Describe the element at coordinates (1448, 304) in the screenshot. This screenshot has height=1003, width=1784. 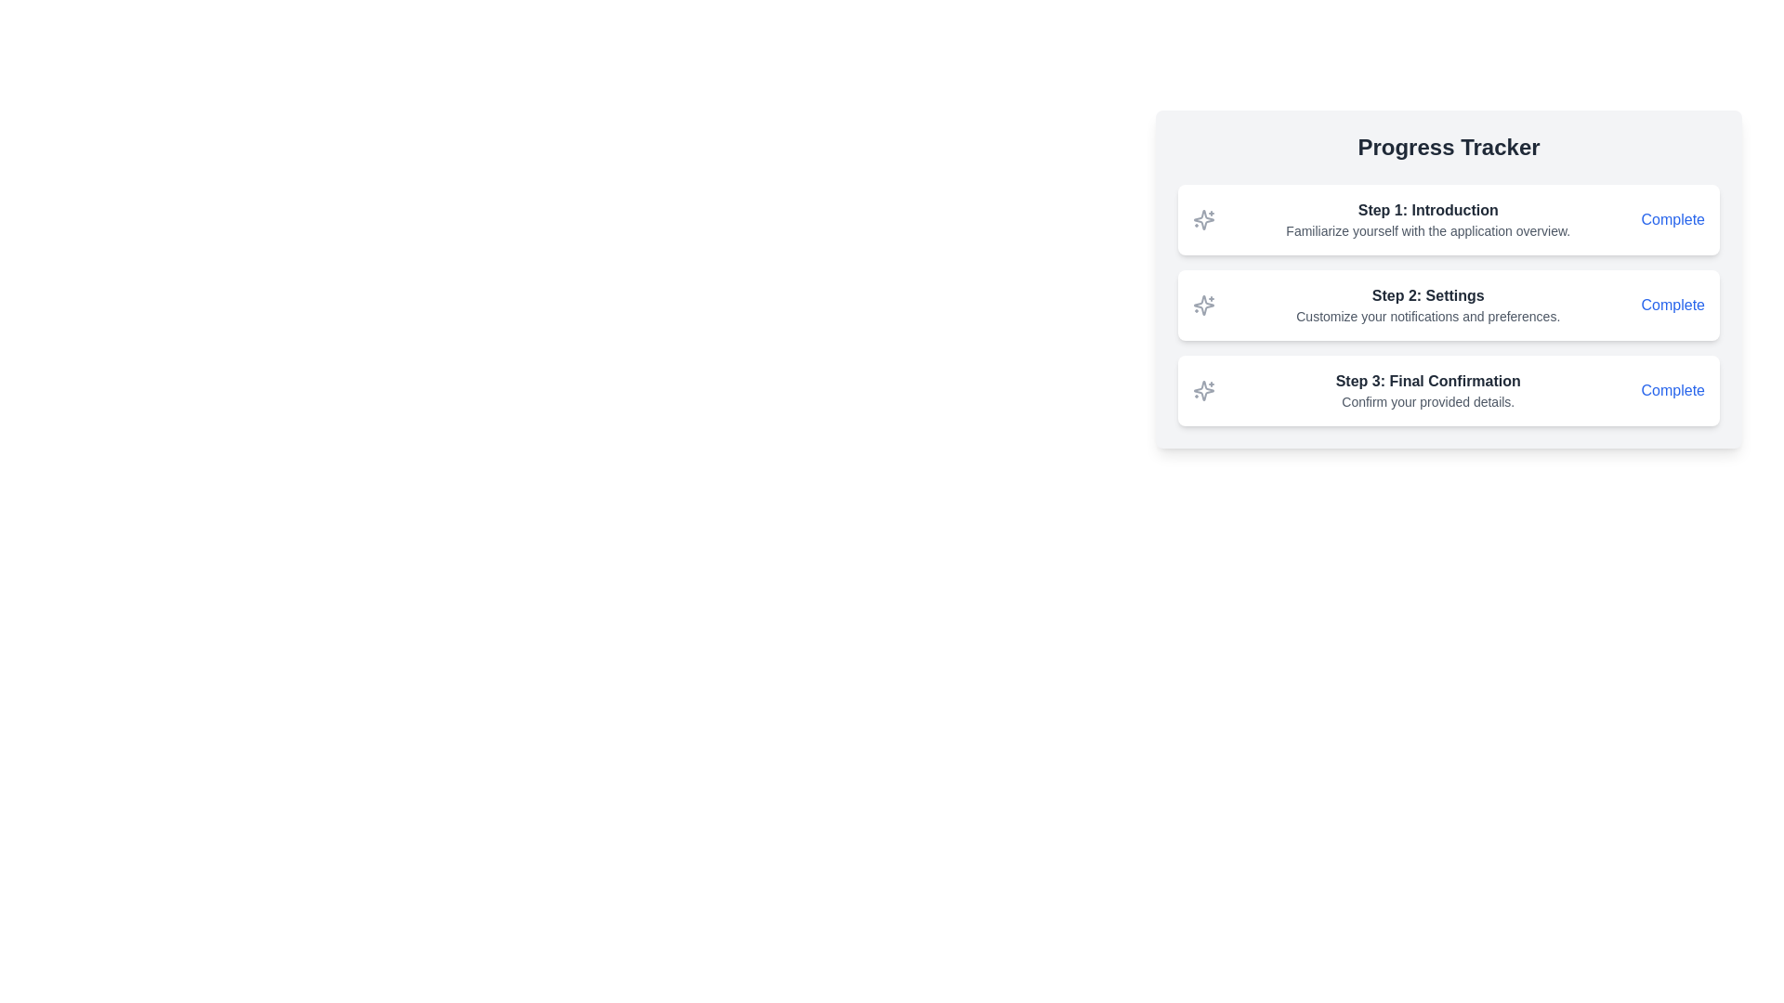
I see `the progress step item labeled 'Step 2: Settings' in the progress tracker component, which is the second item in the sequence and has a white background with rounded corners` at that location.